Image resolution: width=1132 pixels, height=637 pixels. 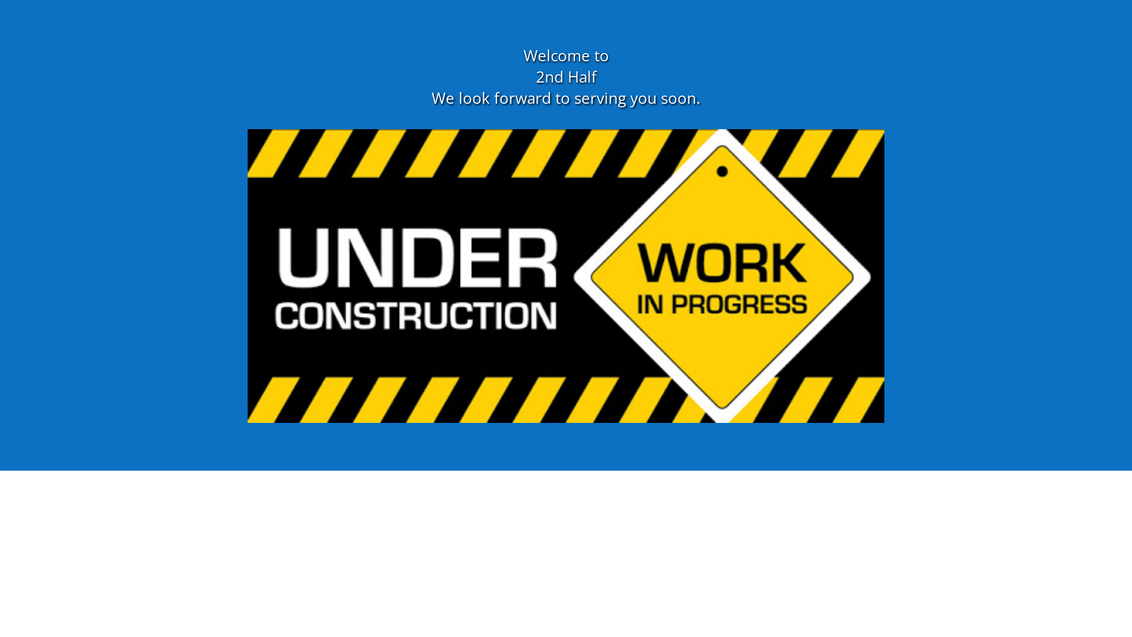 What do you see at coordinates (566, 275) in the screenshot?
I see `'unnamed'` at bounding box center [566, 275].